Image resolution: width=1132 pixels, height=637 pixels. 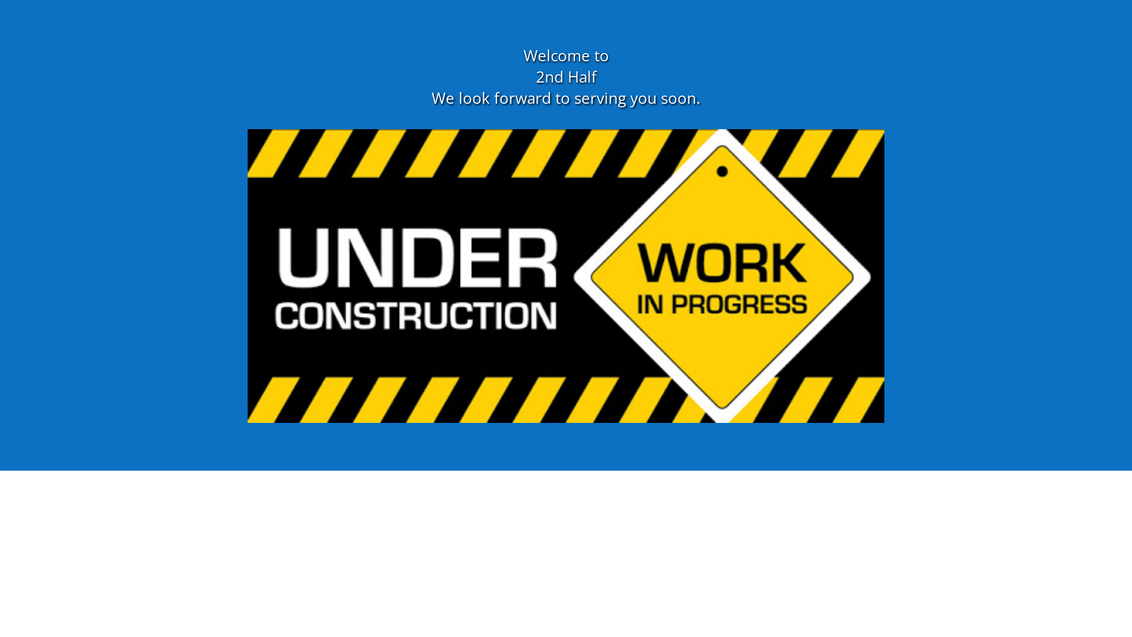 What do you see at coordinates (566, 275) in the screenshot?
I see `'unnamed'` at bounding box center [566, 275].